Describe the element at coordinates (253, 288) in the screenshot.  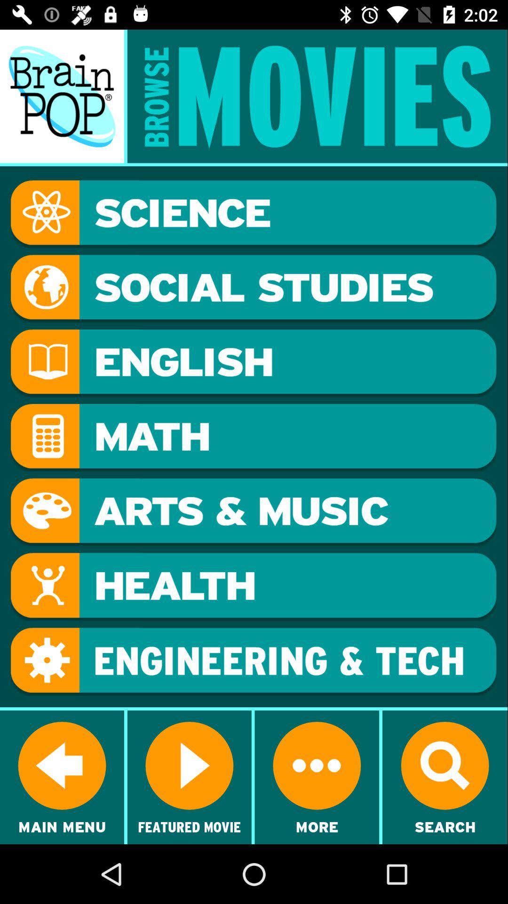
I see `choose social studies` at that location.